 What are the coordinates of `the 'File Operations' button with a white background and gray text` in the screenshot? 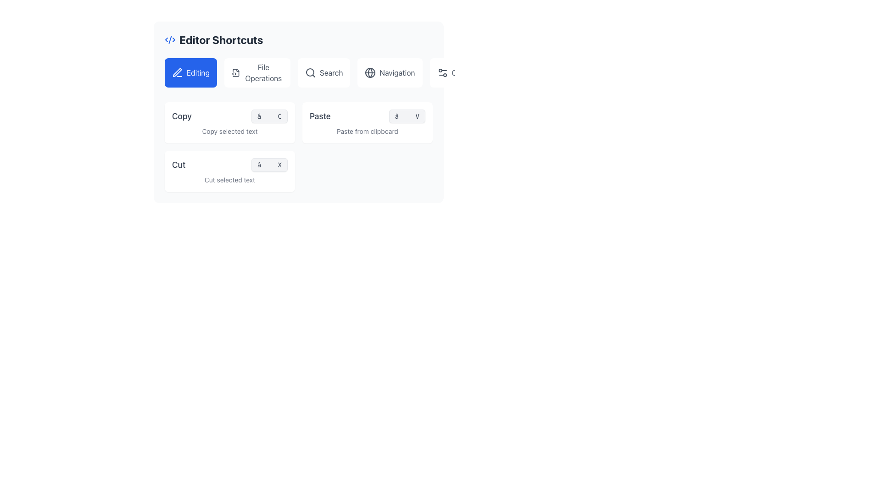 It's located at (257, 72).